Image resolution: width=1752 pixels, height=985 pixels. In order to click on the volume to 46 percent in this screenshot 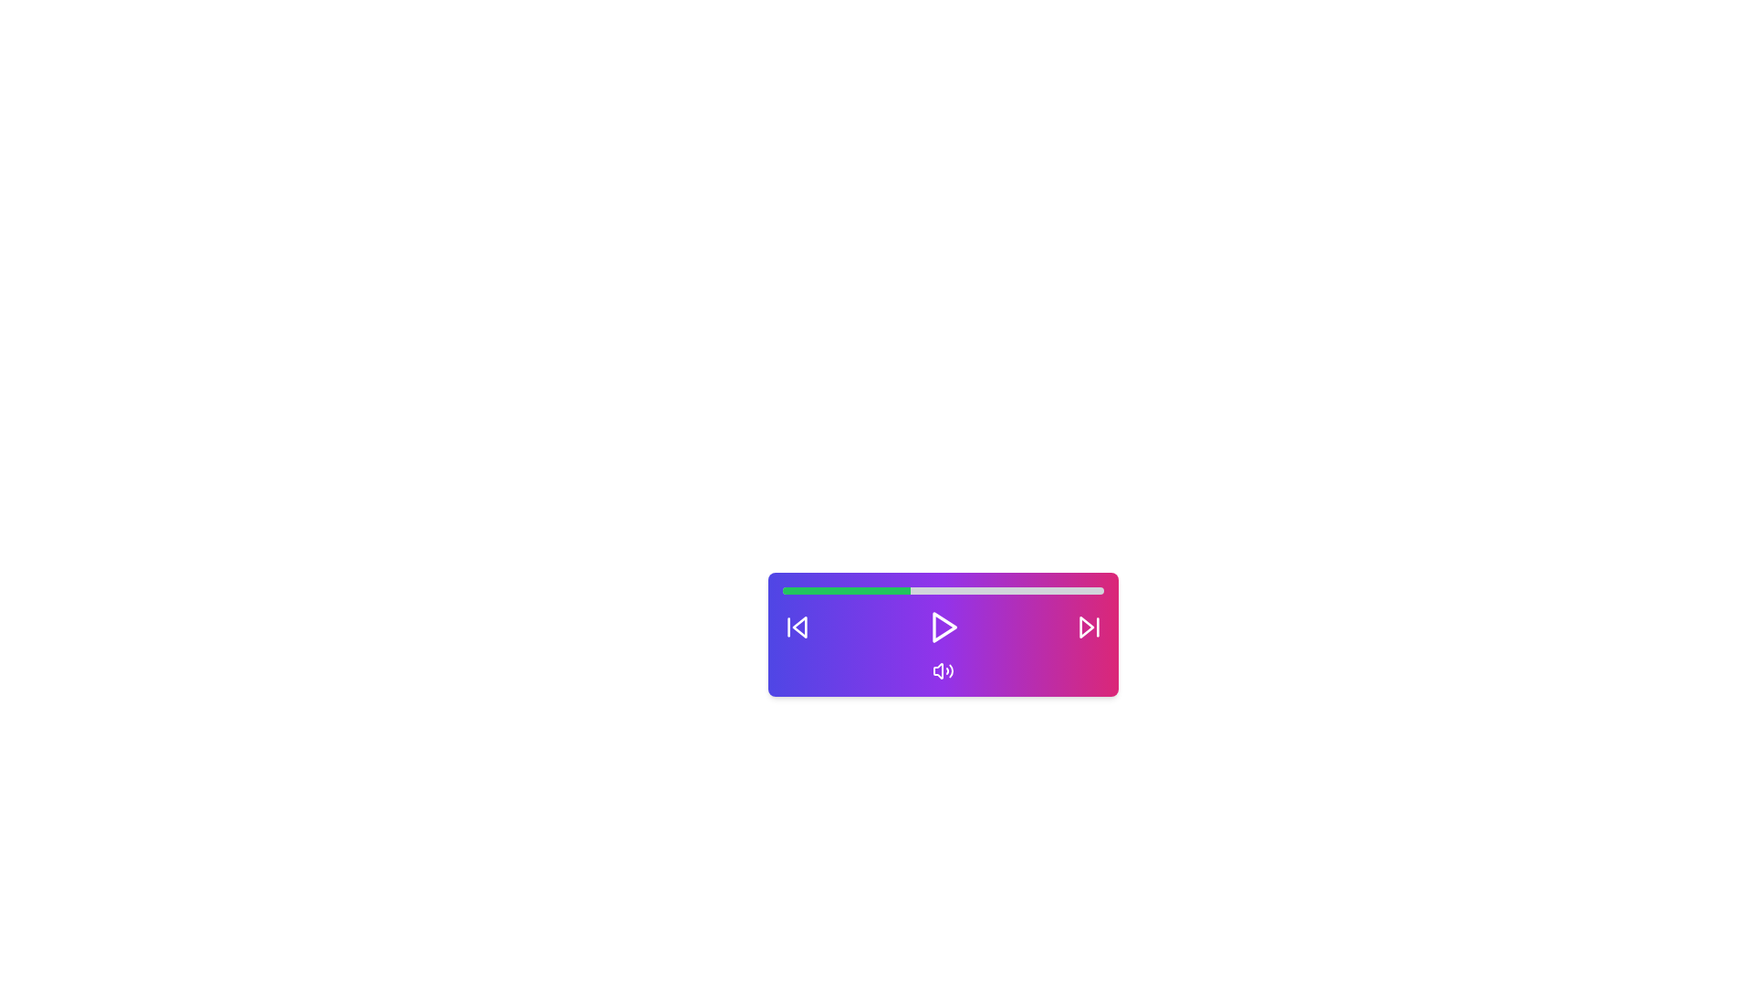, I will do `click(930, 591)`.